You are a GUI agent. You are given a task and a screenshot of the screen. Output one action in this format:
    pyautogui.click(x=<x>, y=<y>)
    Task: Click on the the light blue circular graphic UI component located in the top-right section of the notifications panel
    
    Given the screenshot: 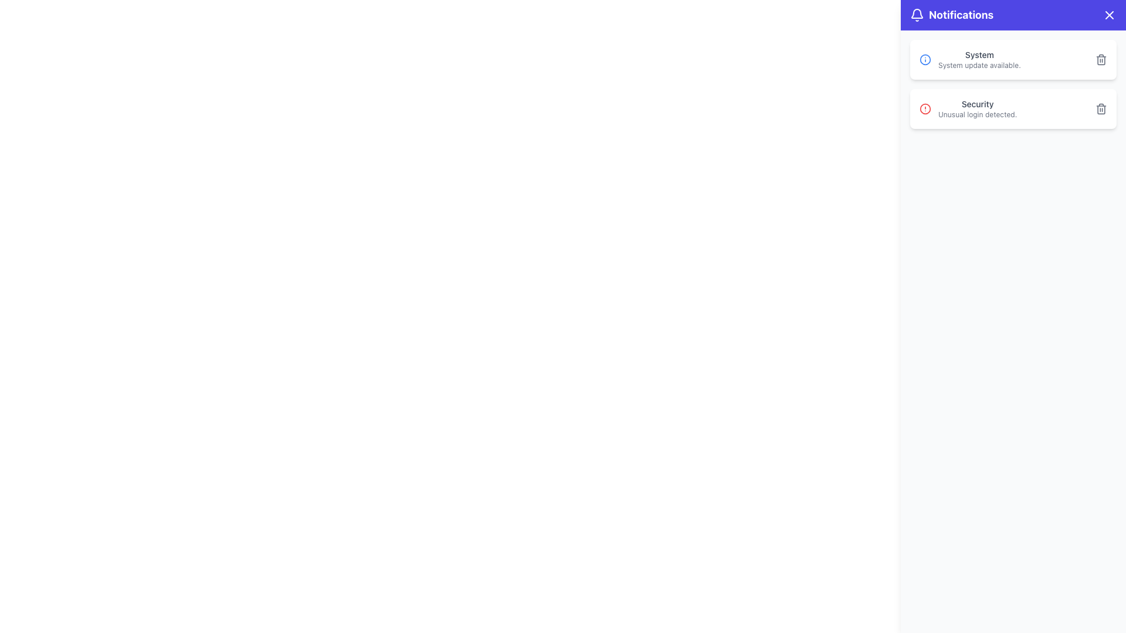 What is the action you would take?
    pyautogui.click(x=925, y=59)
    